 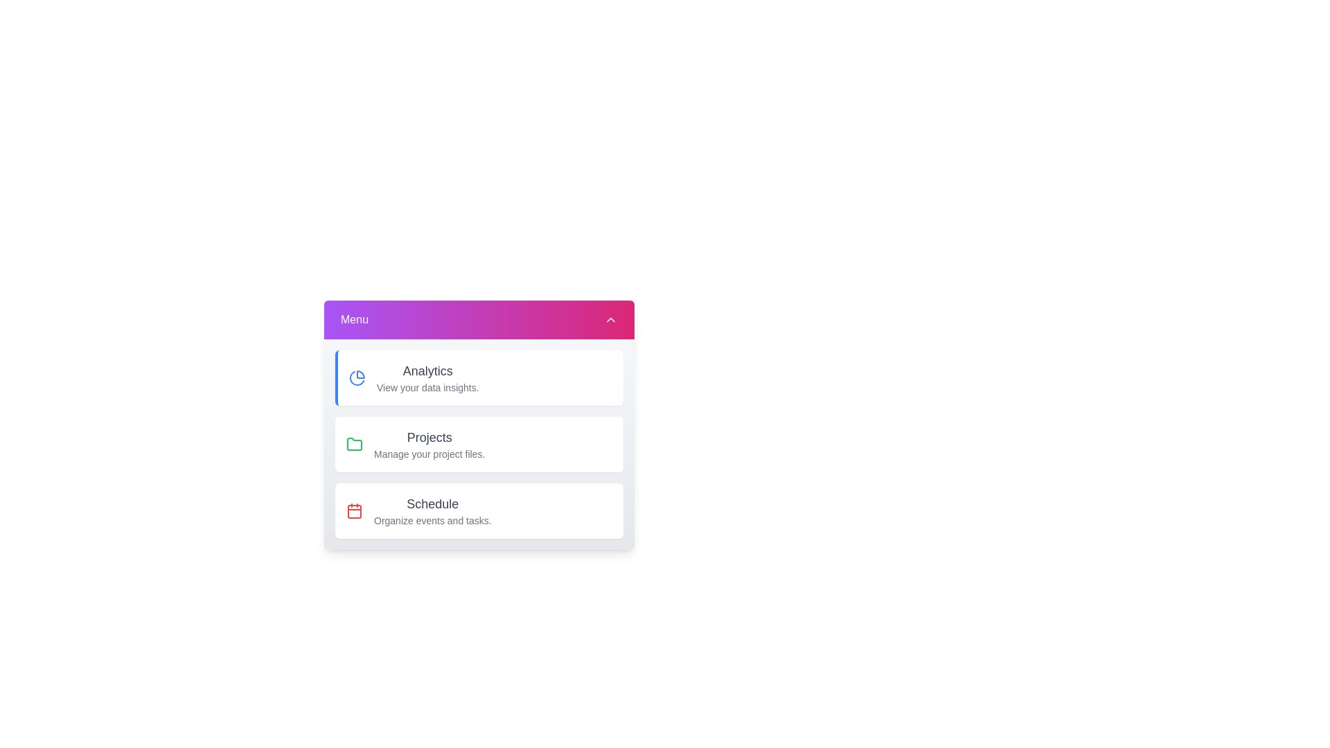 What do you see at coordinates (479, 444) in the screenshot?
I see `the menu item corresponding to Projects` at bounding box center [479, 444].